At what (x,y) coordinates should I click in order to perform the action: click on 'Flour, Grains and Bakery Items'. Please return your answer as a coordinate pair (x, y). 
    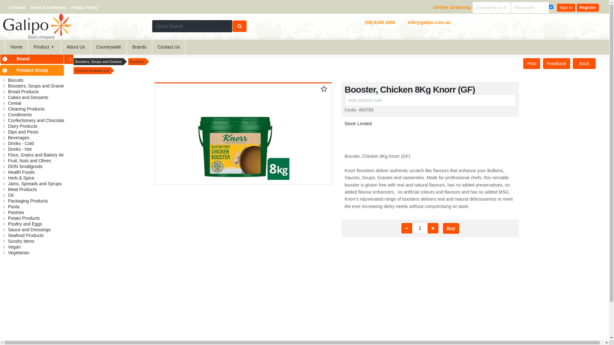
    Looking at the image, I should click on (7, 155).